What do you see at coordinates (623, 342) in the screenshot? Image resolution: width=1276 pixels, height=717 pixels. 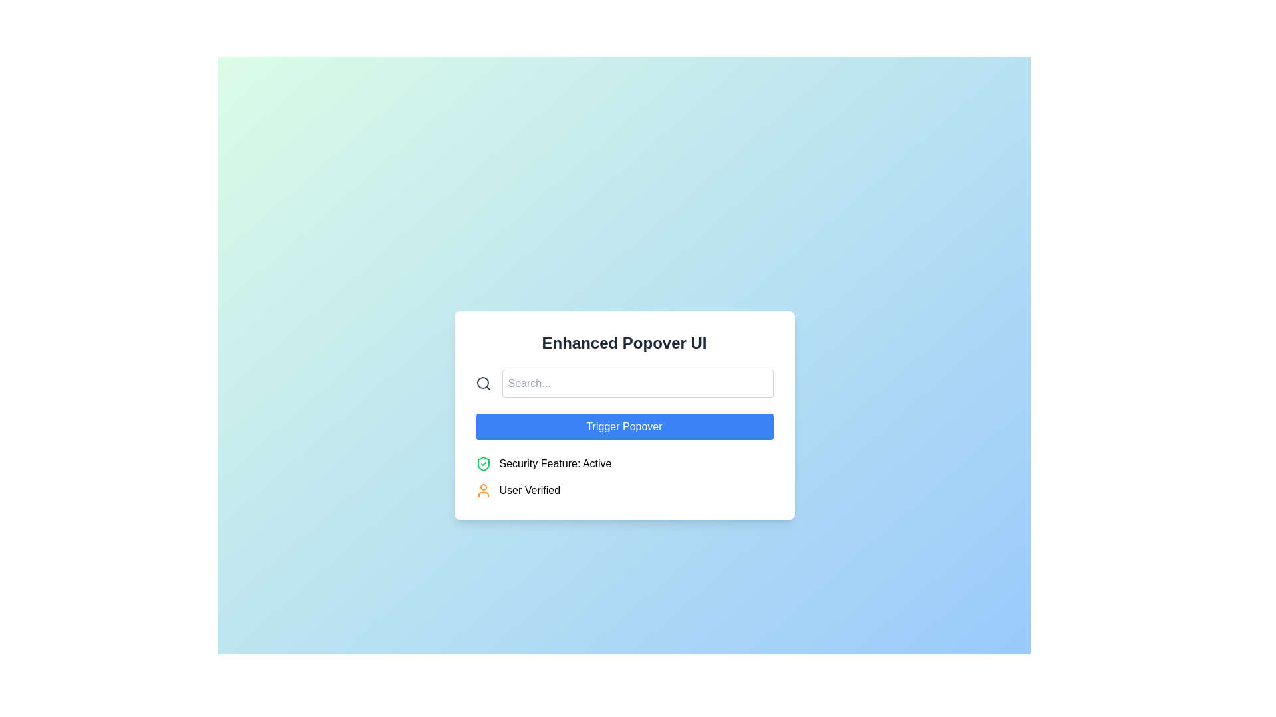 I see `the Text Display element that shows the title 'Enhanced Popover UI' in bold, dark gray font, centered at the top of a white box with rounded corners` at bounding box center [623, 342].